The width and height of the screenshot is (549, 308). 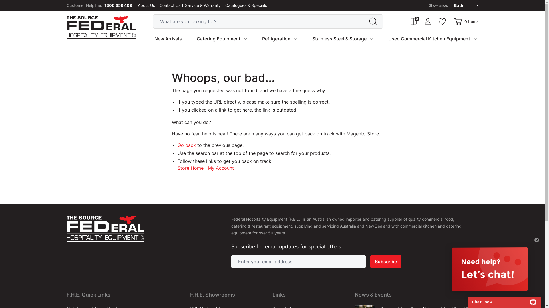 I want to click on 'Stainless Steel & Storage', so click(x=339, y=38).